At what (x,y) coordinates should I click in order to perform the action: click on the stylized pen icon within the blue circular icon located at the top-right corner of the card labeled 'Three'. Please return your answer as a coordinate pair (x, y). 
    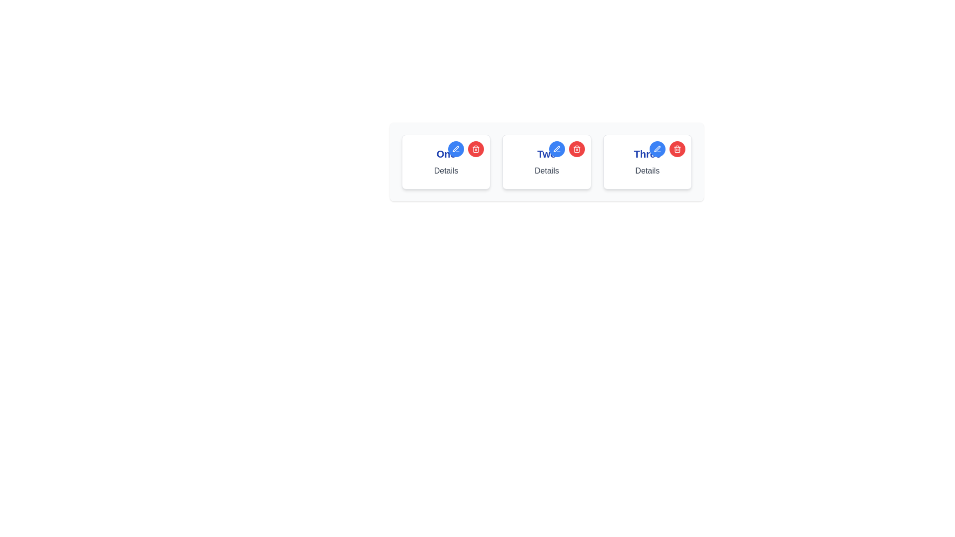
    Looking at the image, I should click on (657, 149).